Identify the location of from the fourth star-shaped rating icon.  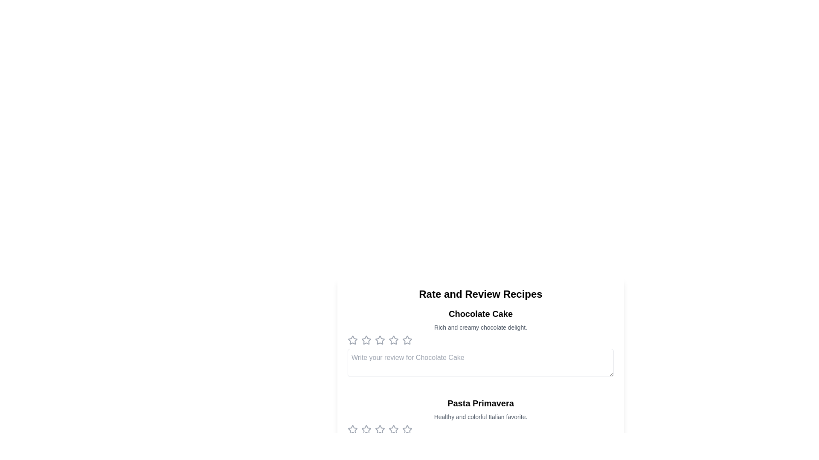
(407, 339).